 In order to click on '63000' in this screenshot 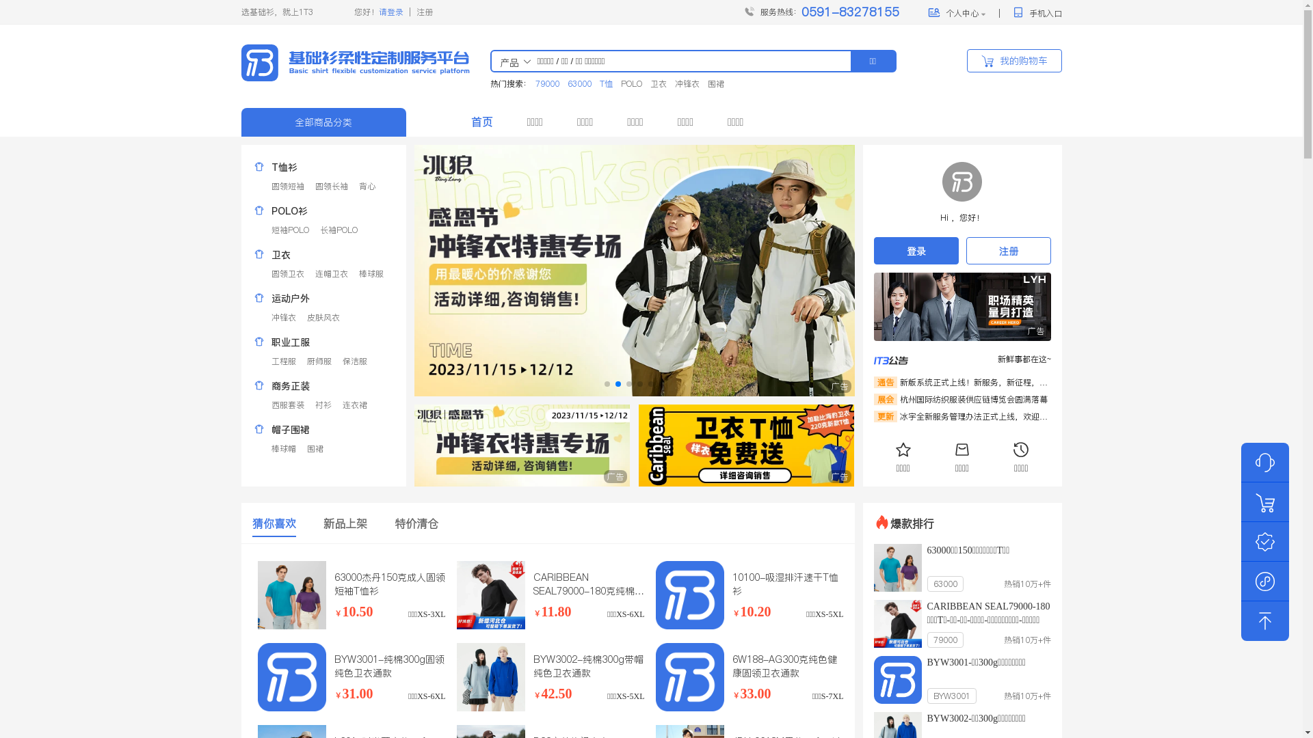, I will do `click(579, 83)`.